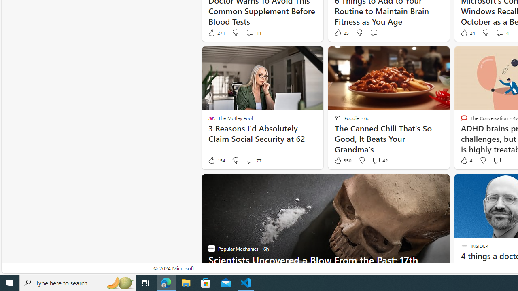 The width and height of the screenshot is (518, 291). Describe the element at coordinates (341, 32) in the screenshot. I see `'25 Like'` at that location.